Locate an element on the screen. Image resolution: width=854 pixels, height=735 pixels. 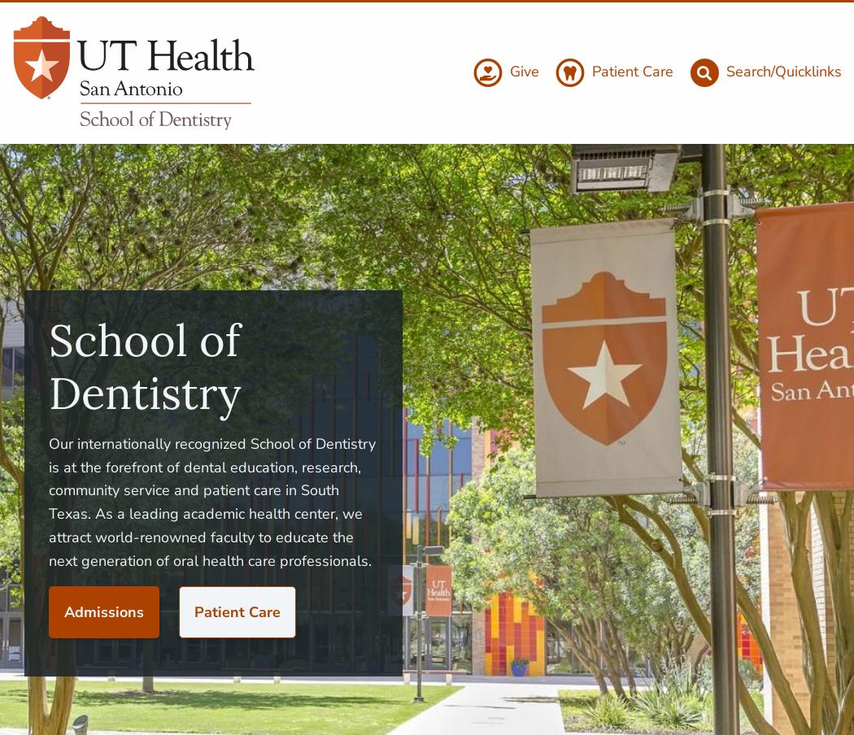
'News' is located at coordinates (813, 406).